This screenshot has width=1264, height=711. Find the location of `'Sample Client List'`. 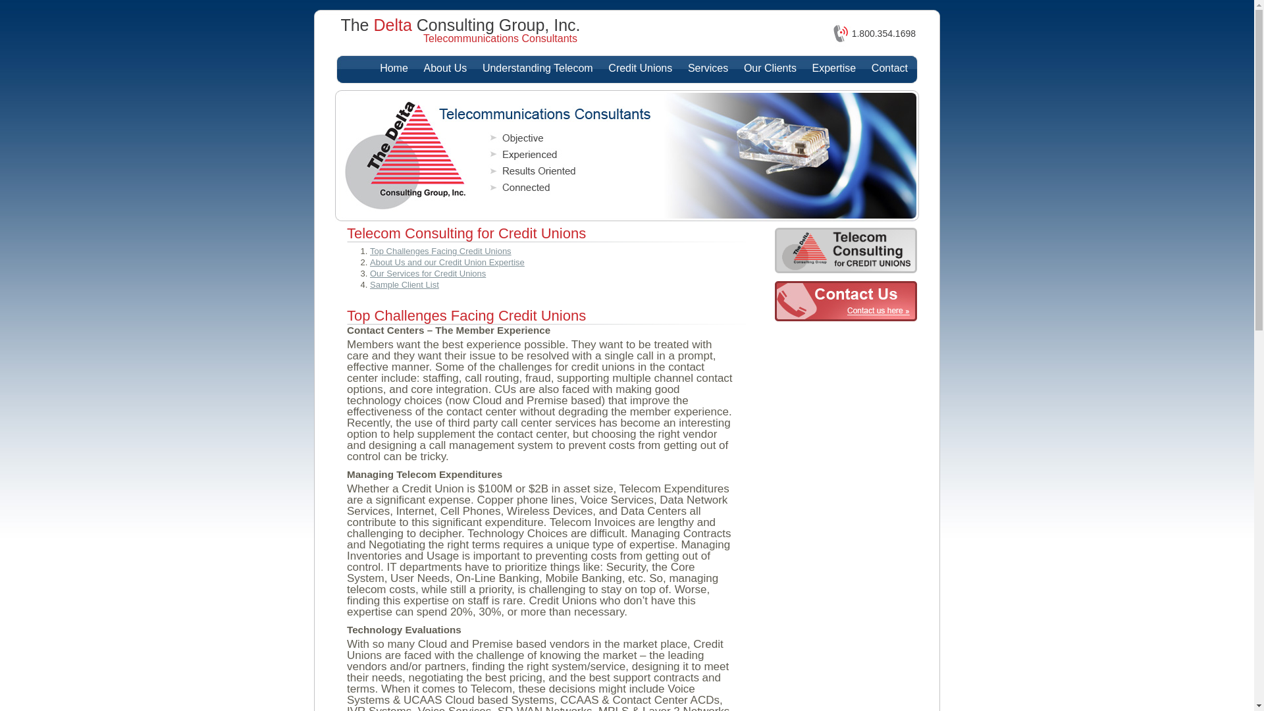

'Sample Client List' is located at coordinates (369, 284).